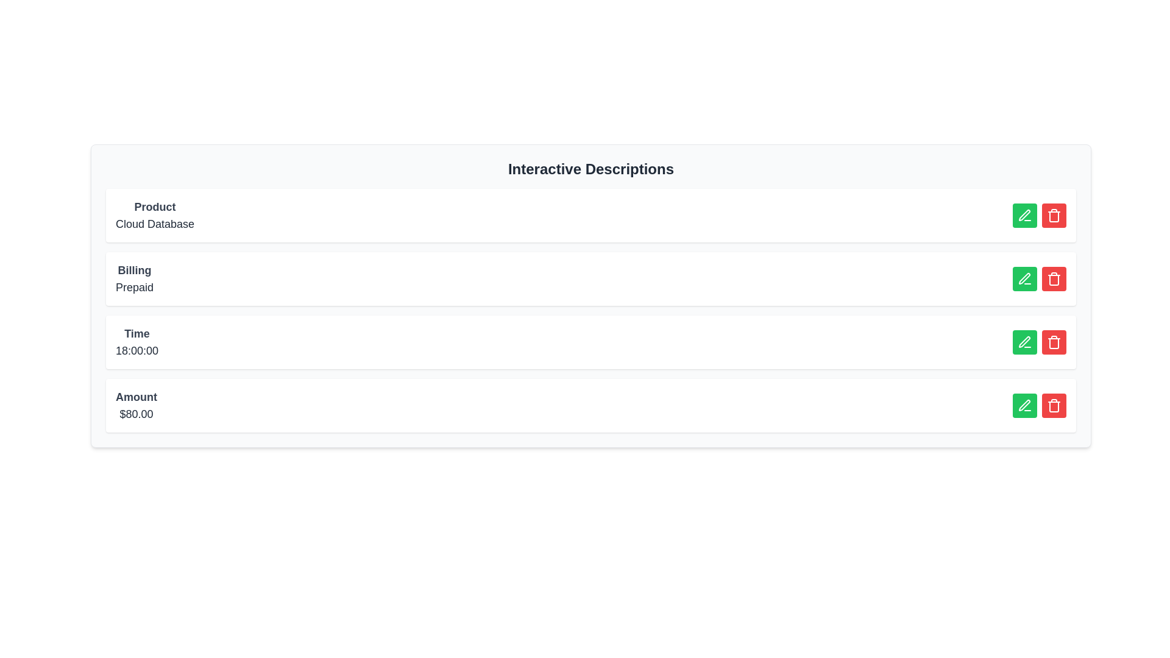 The width and height of the screenshot is (1170, 658). What do you see at coordinates (1053, 279) in the screenshot?
I see `the delete icon located on the far right side of the interface, nested within a red circular button` at bounding box center [1053, 279].